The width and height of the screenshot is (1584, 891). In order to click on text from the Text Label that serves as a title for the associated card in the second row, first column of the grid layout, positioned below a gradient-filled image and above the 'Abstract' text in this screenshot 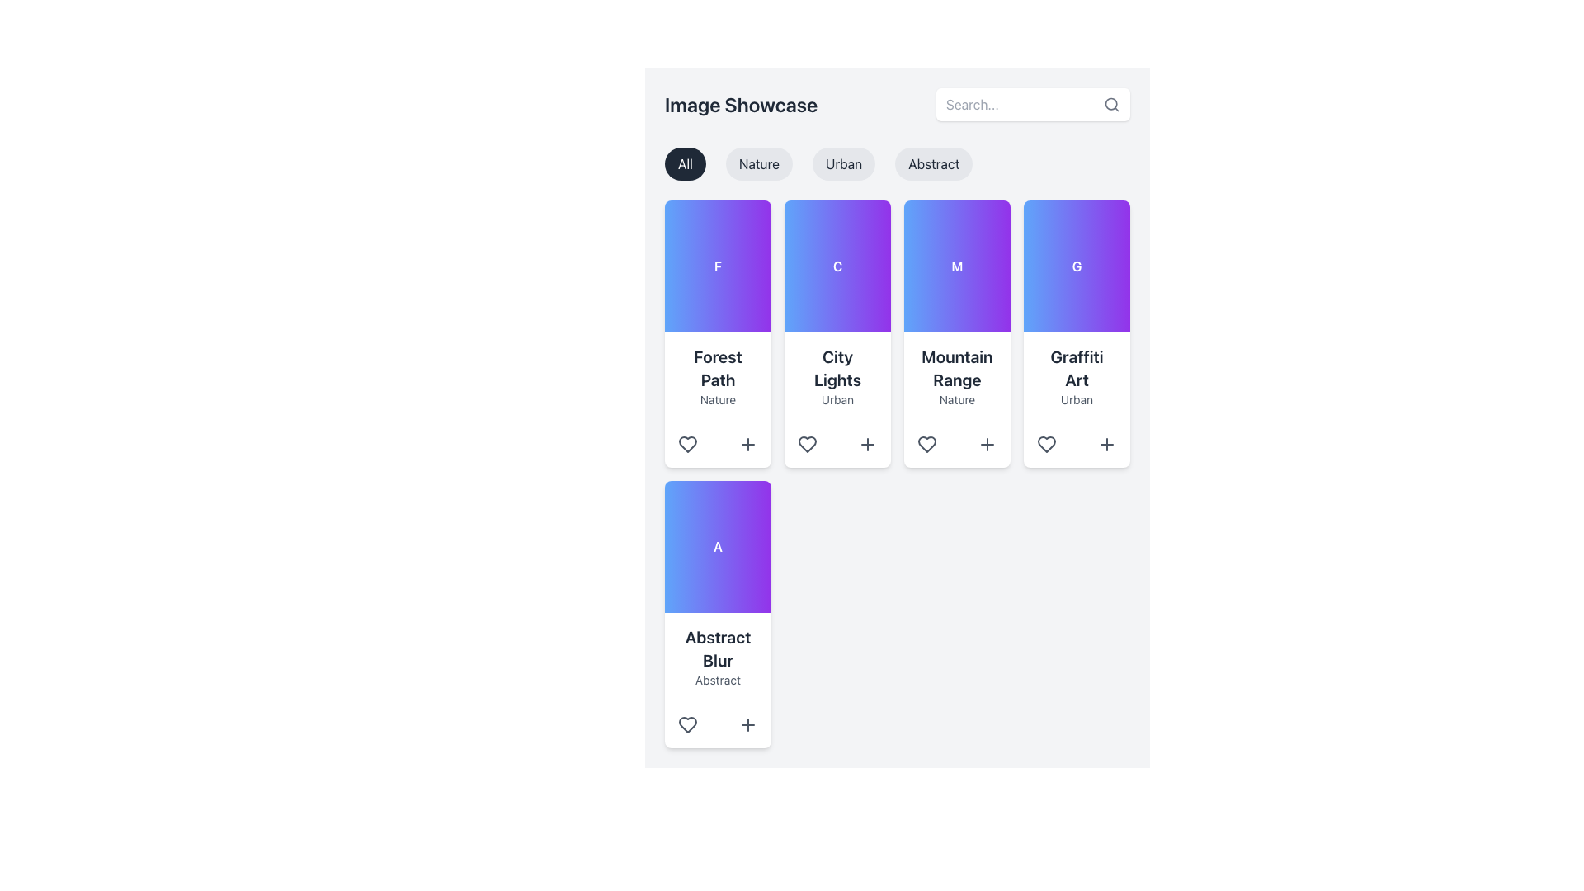, I will do `click(718, 648)`.